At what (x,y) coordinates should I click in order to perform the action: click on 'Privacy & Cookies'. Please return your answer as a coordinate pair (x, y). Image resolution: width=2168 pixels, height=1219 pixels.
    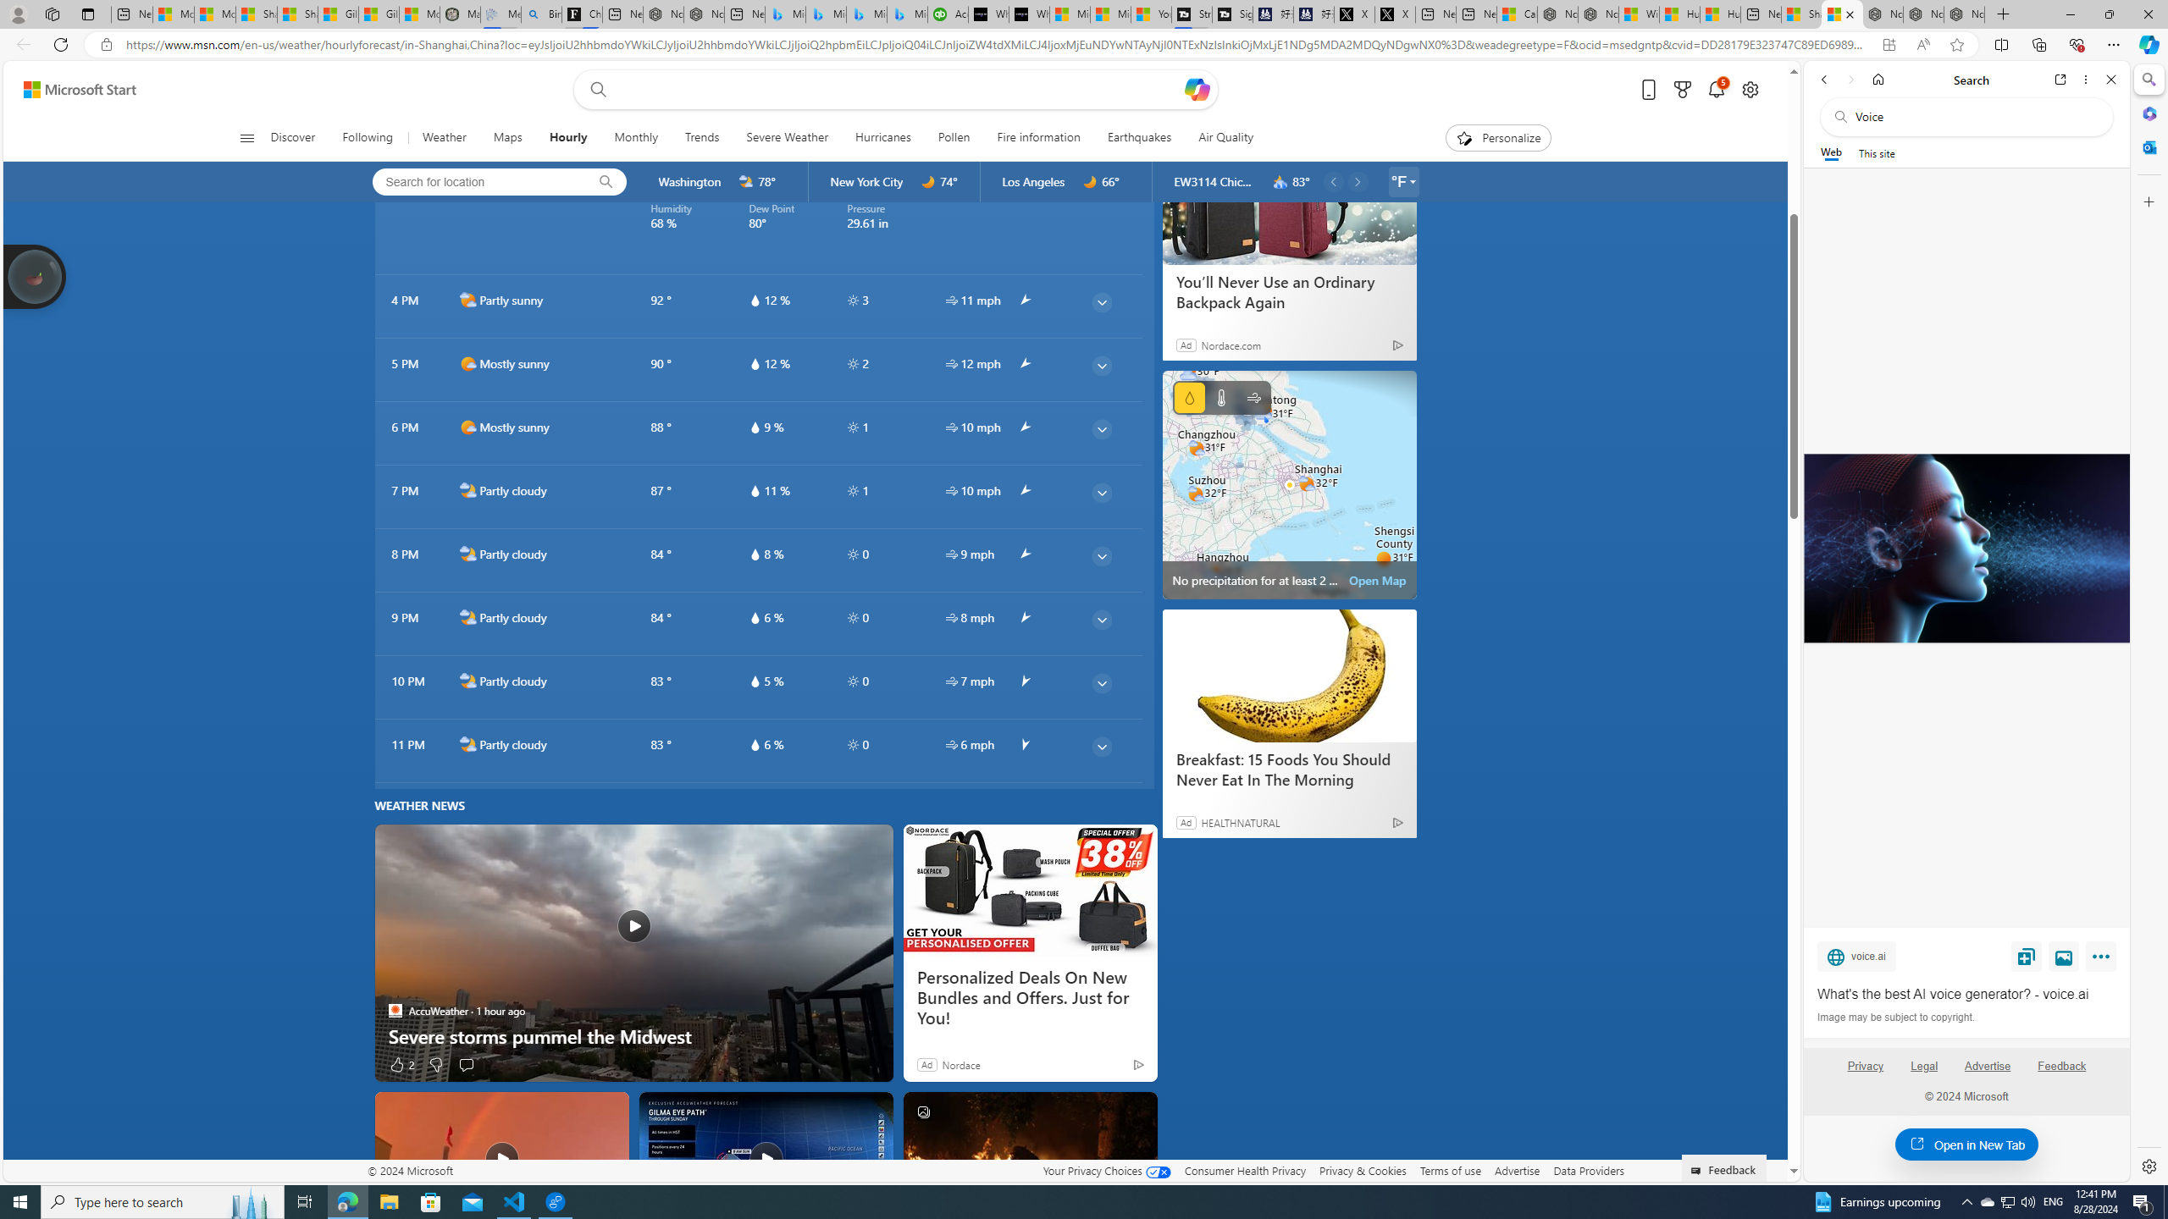
    Looking at the image, I should click on (1363, 1170).